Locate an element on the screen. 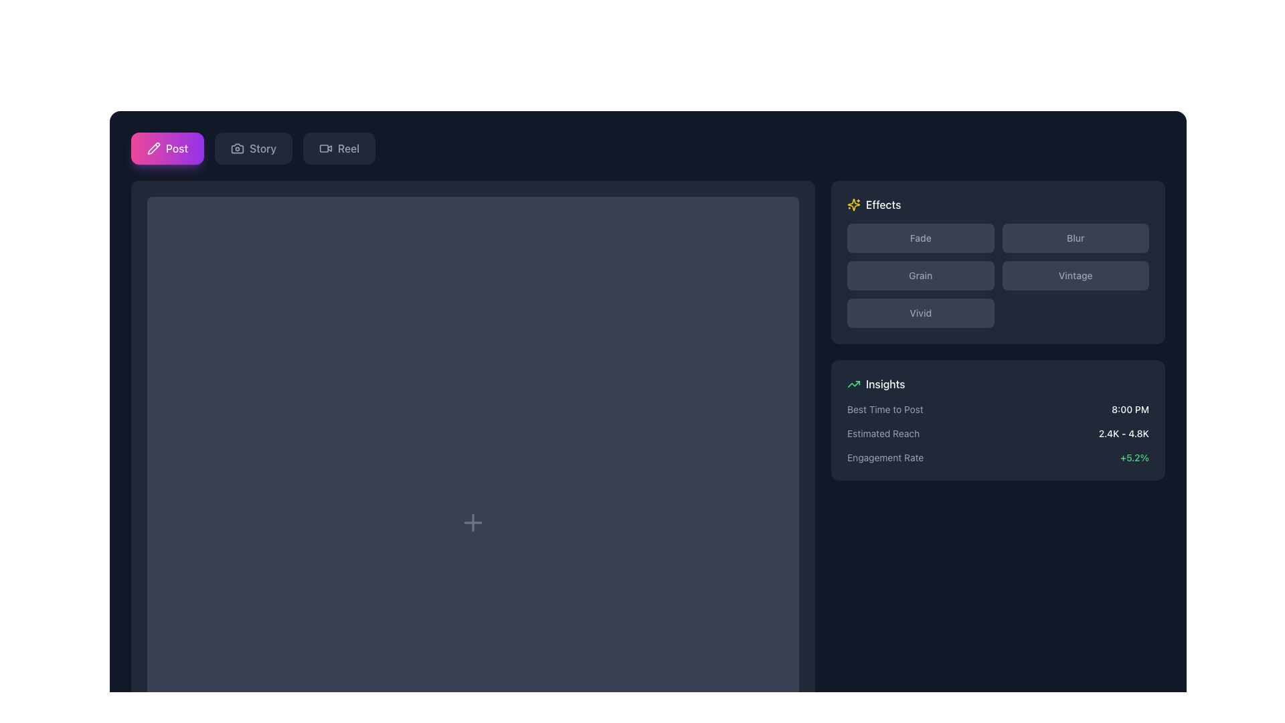 The image size is (1285, 723). the first button on the left in the horizontal row of buttons to initiate post creation is located at coordinates (167, 149).